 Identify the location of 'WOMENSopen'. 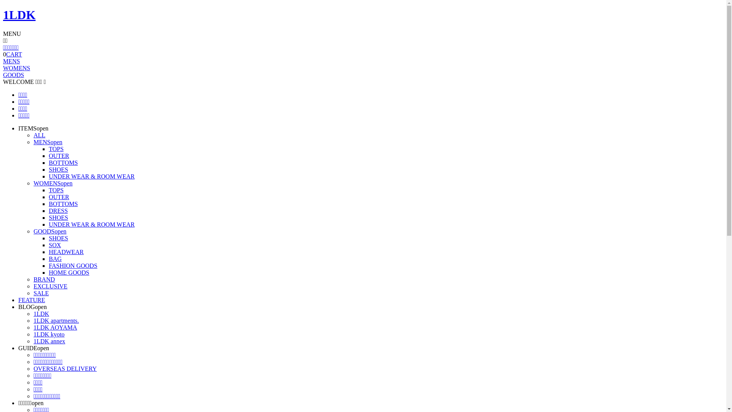
(53, 183).